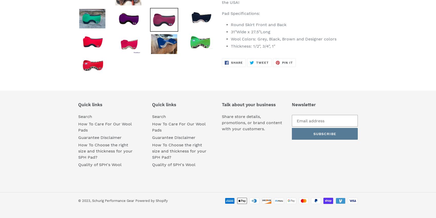  I want to click on '© 2023,', so click(85, 200).